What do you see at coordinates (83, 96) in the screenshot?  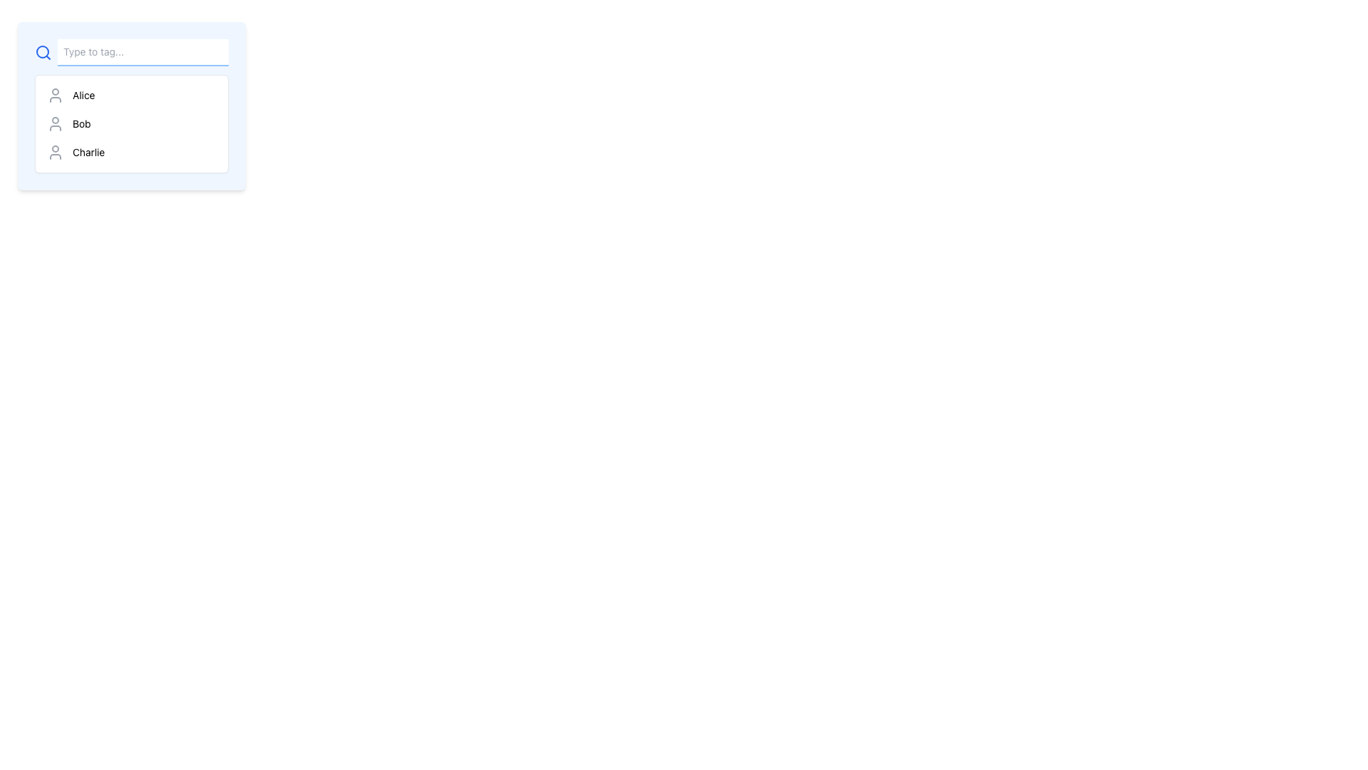 I see `the text label displaying 'Alice'` at bounding box center [83, 96].